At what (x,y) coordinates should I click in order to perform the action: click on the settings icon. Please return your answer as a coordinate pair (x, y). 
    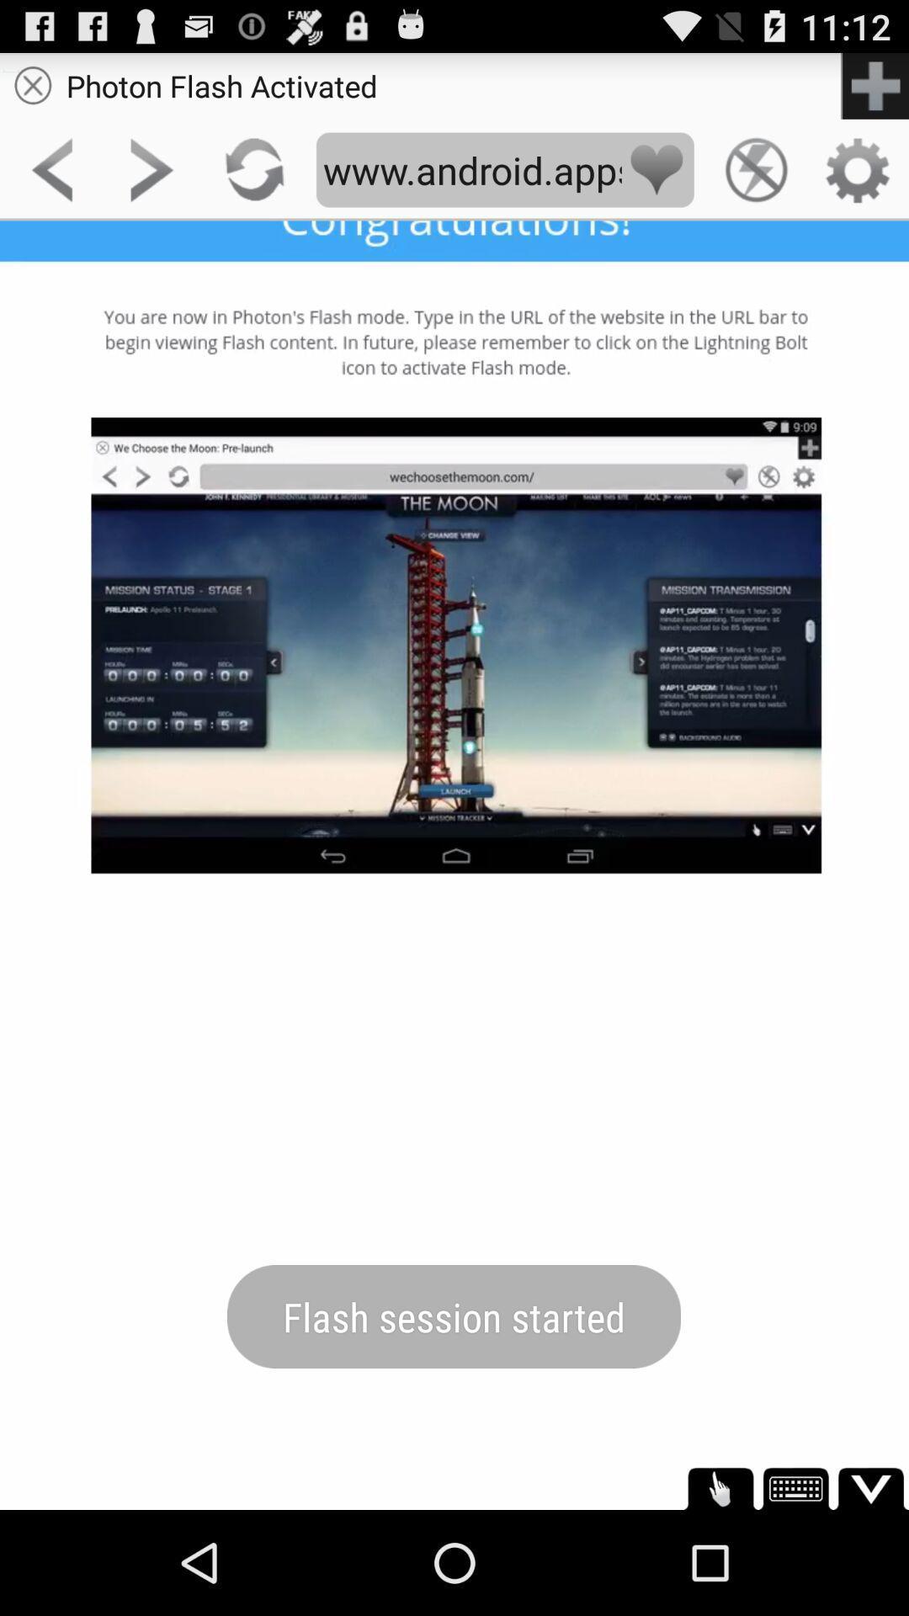
    Looking at the image, I should click on (858, 182).